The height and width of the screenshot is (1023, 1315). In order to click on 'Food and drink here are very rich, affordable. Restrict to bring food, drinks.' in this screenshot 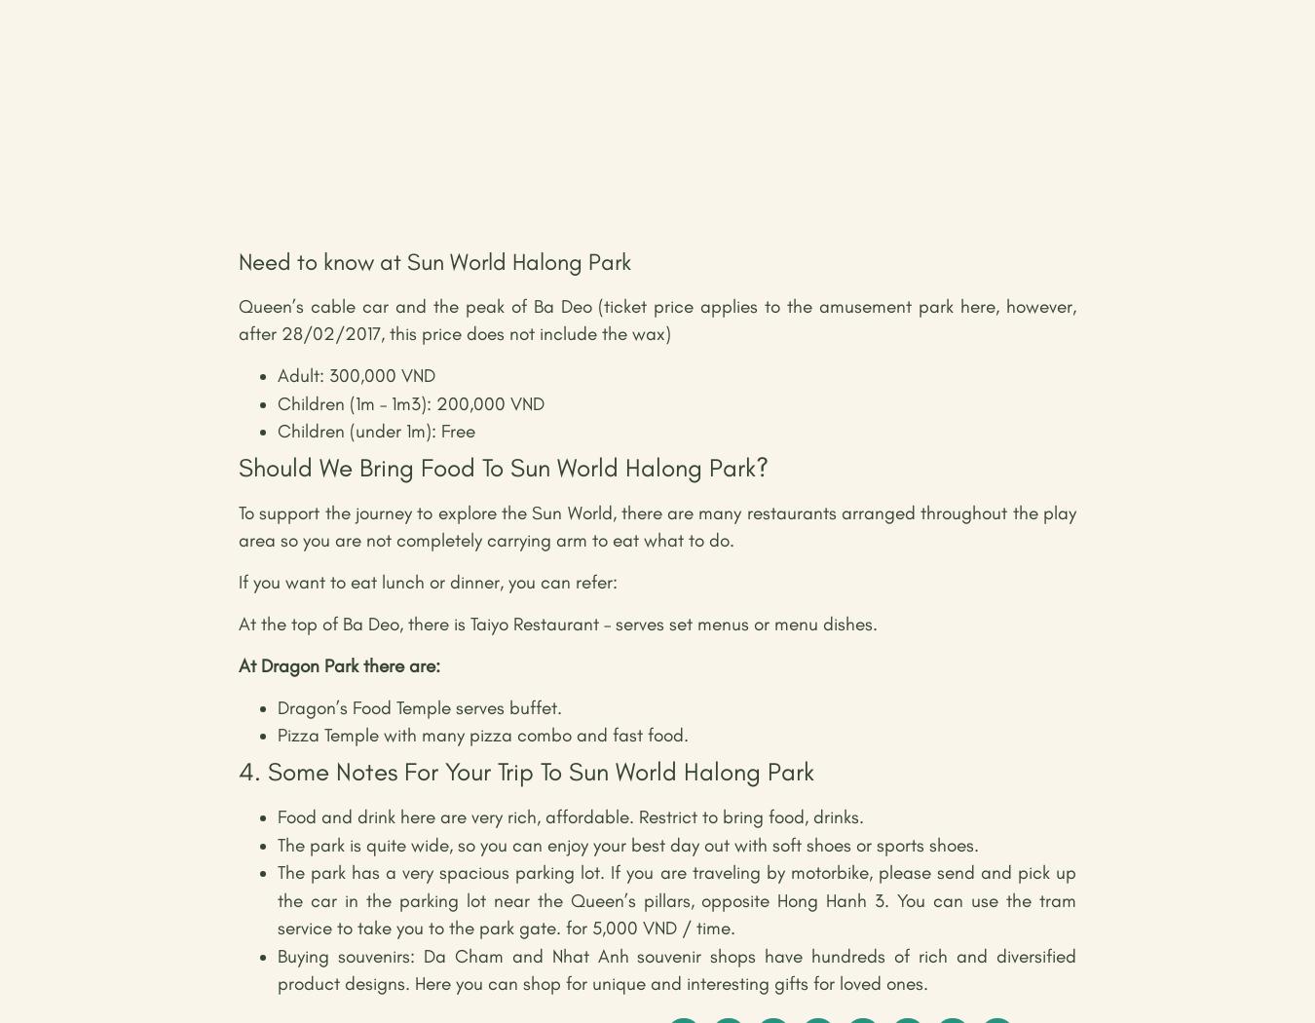, I will do `click(571, 816)`.